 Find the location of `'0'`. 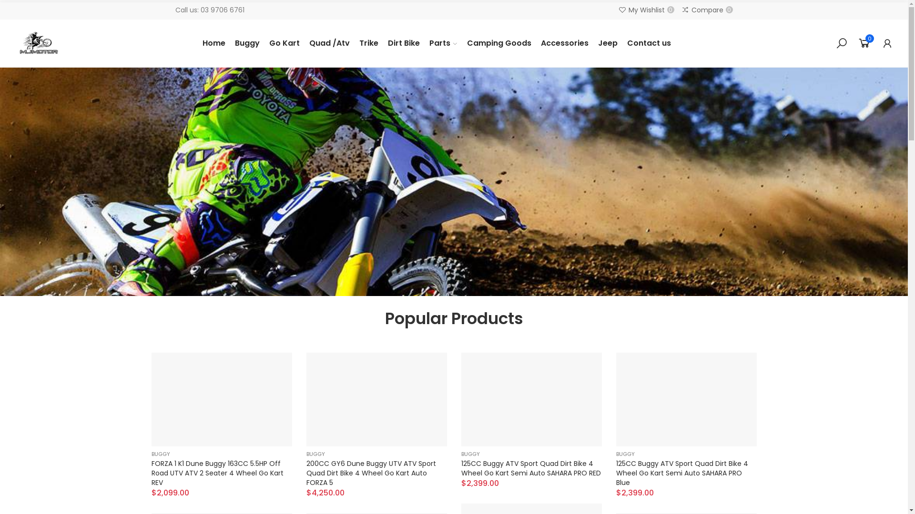

'0' is located at coordinates (864, 43).